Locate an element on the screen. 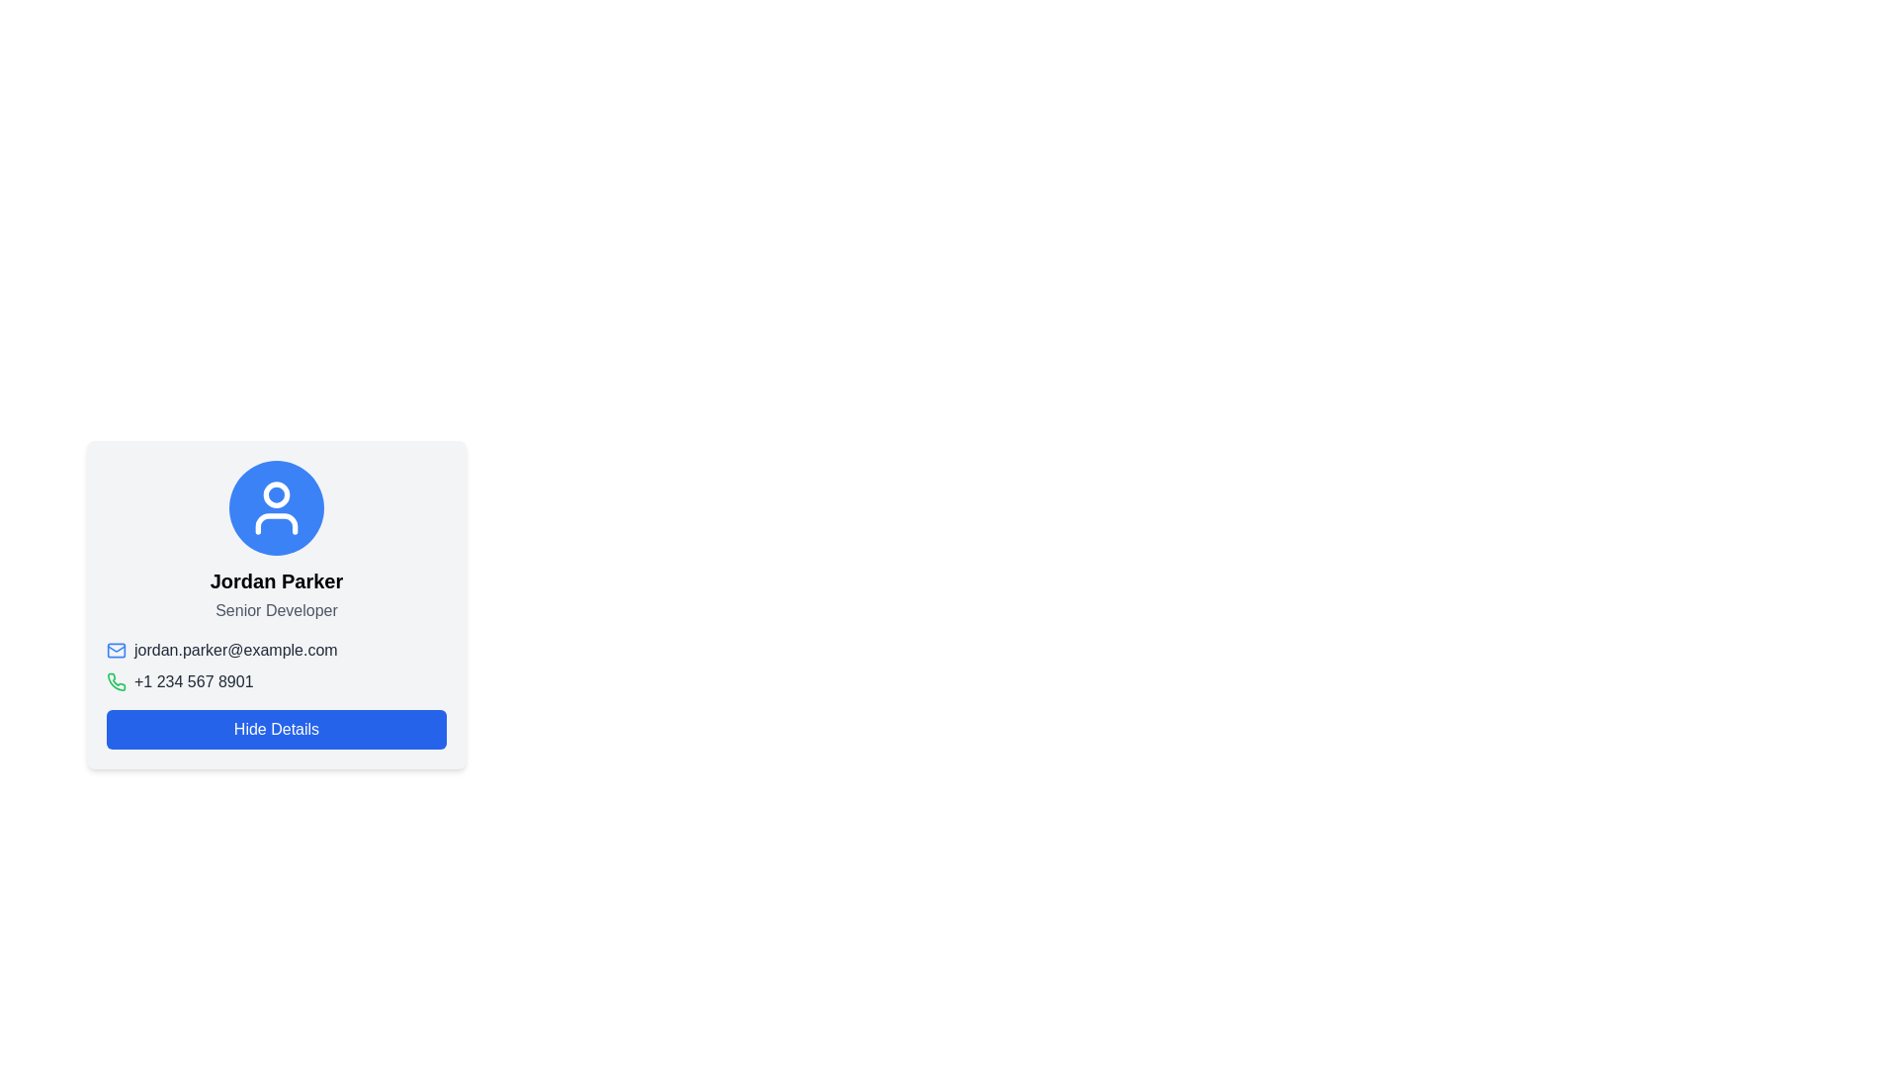 The image size is (1898, 1068). email address displayed below the name 'Jordan Parker', which is aligned with the email icon to its left is located at coordinates (275, 651).